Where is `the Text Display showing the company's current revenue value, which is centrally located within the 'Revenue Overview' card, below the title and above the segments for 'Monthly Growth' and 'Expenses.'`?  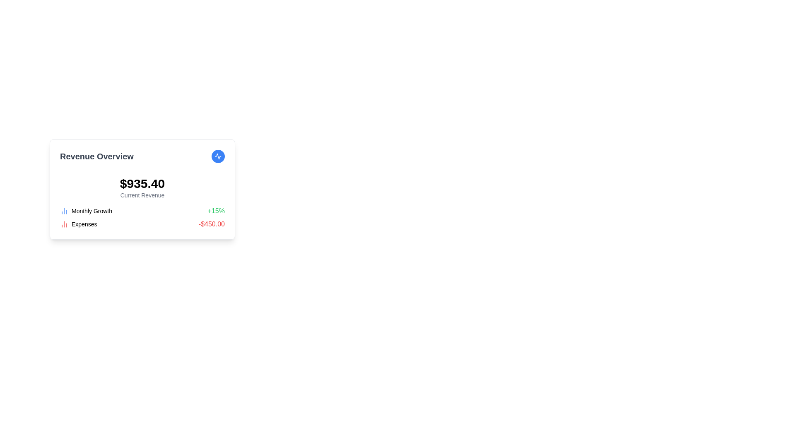 the Text Display showing the company's current revenue value, which is centrally located within the 'Revenue Overview' card, below the title and above the segments for 'Monthly Growth' and 'Expenses.' is located at coordinates (142, 188).